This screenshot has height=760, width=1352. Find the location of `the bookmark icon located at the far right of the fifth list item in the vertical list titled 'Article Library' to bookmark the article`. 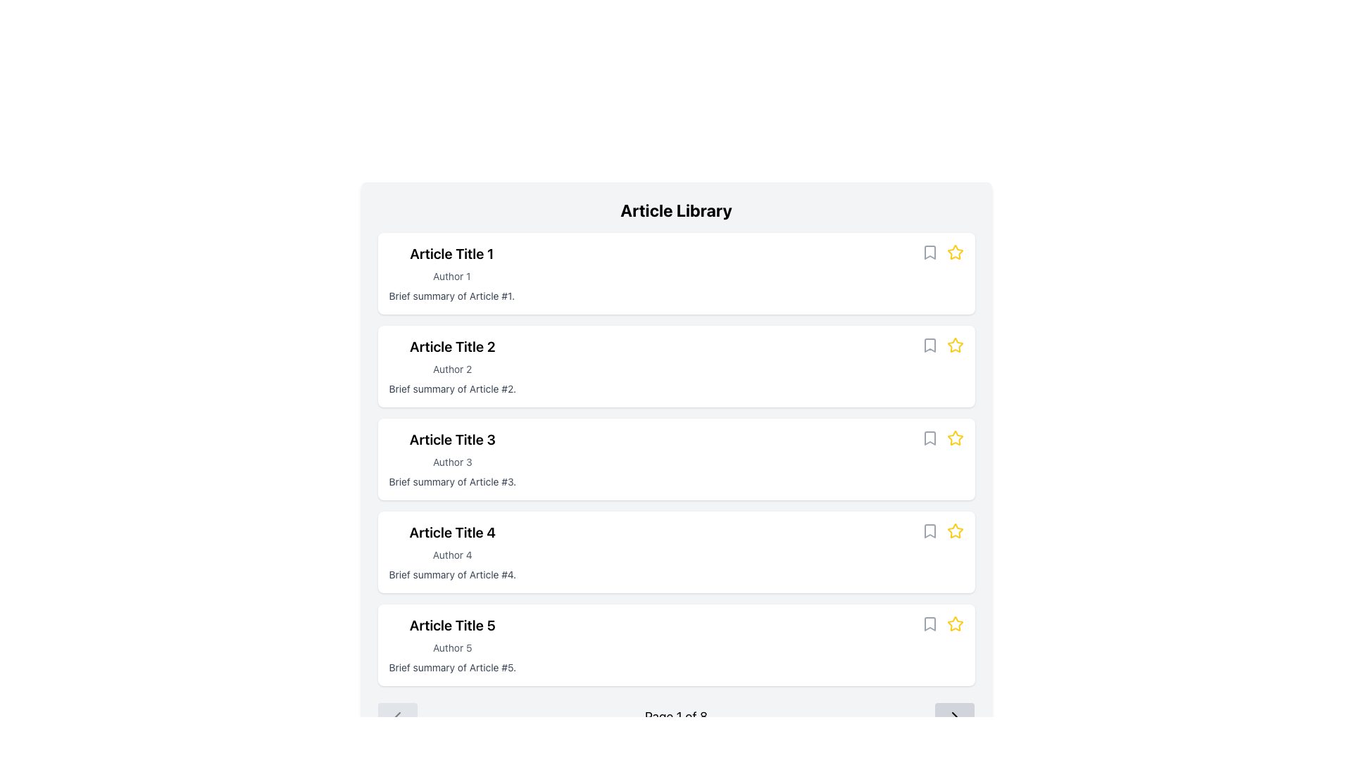

the bookmark icon located at the far right of the fifth list item in the vertical list titled 'Article Library' to bookmark the article is located at coordinates (930, 623).